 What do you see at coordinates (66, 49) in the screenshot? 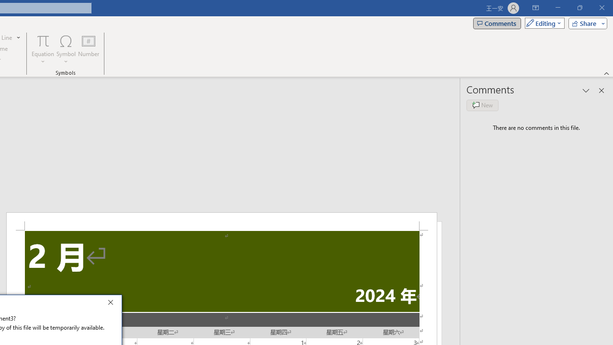
I see `'Symbol'` at bounding box center [66, 49].